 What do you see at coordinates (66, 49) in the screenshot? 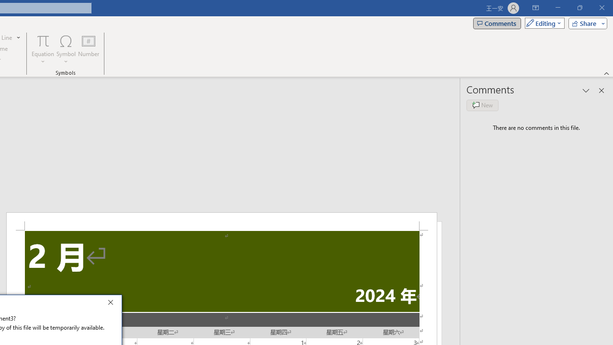
I see `'Symbol'` at bounding box center [66, 49].